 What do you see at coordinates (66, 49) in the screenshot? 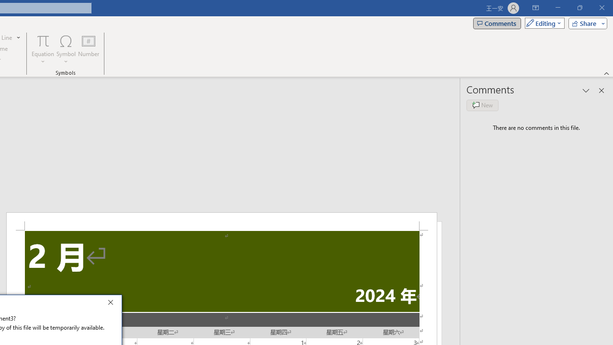
I see `'Symbol'` at bounding box center [66, 49].